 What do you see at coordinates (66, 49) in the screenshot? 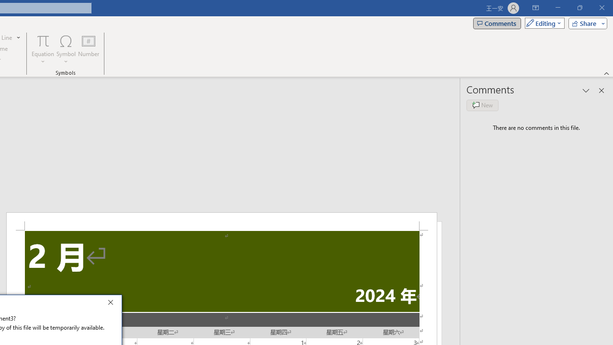
I see `'Symbol'` at bounding box center [66, 49].